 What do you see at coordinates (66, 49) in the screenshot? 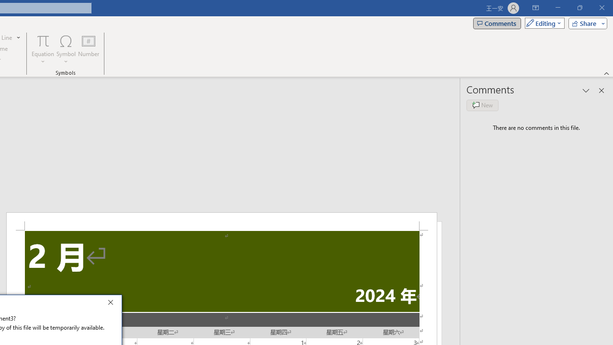
I see `'Symbol'` at bounding box center [66, 49].